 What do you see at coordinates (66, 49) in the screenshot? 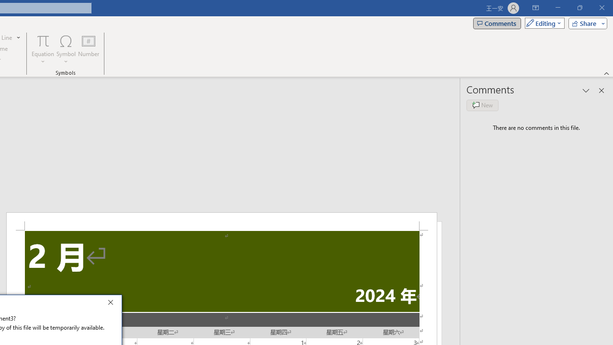
I see `'Symbol'` at bounding box center [66, 49].